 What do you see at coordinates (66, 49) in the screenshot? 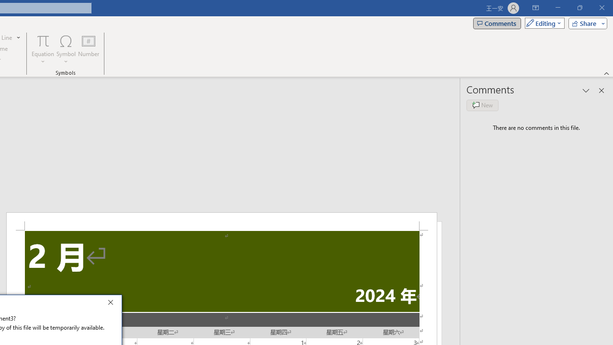
I see `'Symbol'` at bounding box center [66, 49].